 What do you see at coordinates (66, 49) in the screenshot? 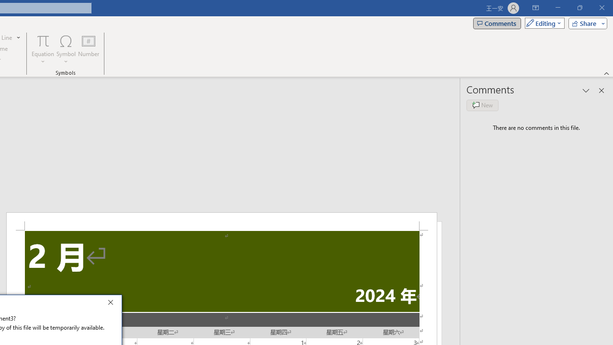
I see `'Symbol'` at bounding box center [66, 49].